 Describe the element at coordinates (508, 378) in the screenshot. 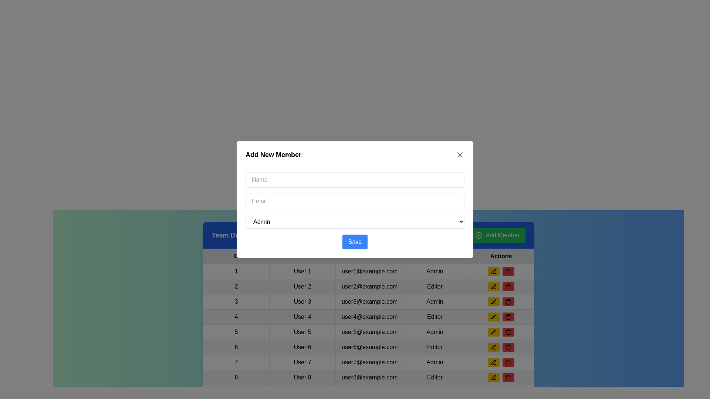

I see `the trash bin icon located in the last row of the 'Actions' column in the displayed table` at that location.